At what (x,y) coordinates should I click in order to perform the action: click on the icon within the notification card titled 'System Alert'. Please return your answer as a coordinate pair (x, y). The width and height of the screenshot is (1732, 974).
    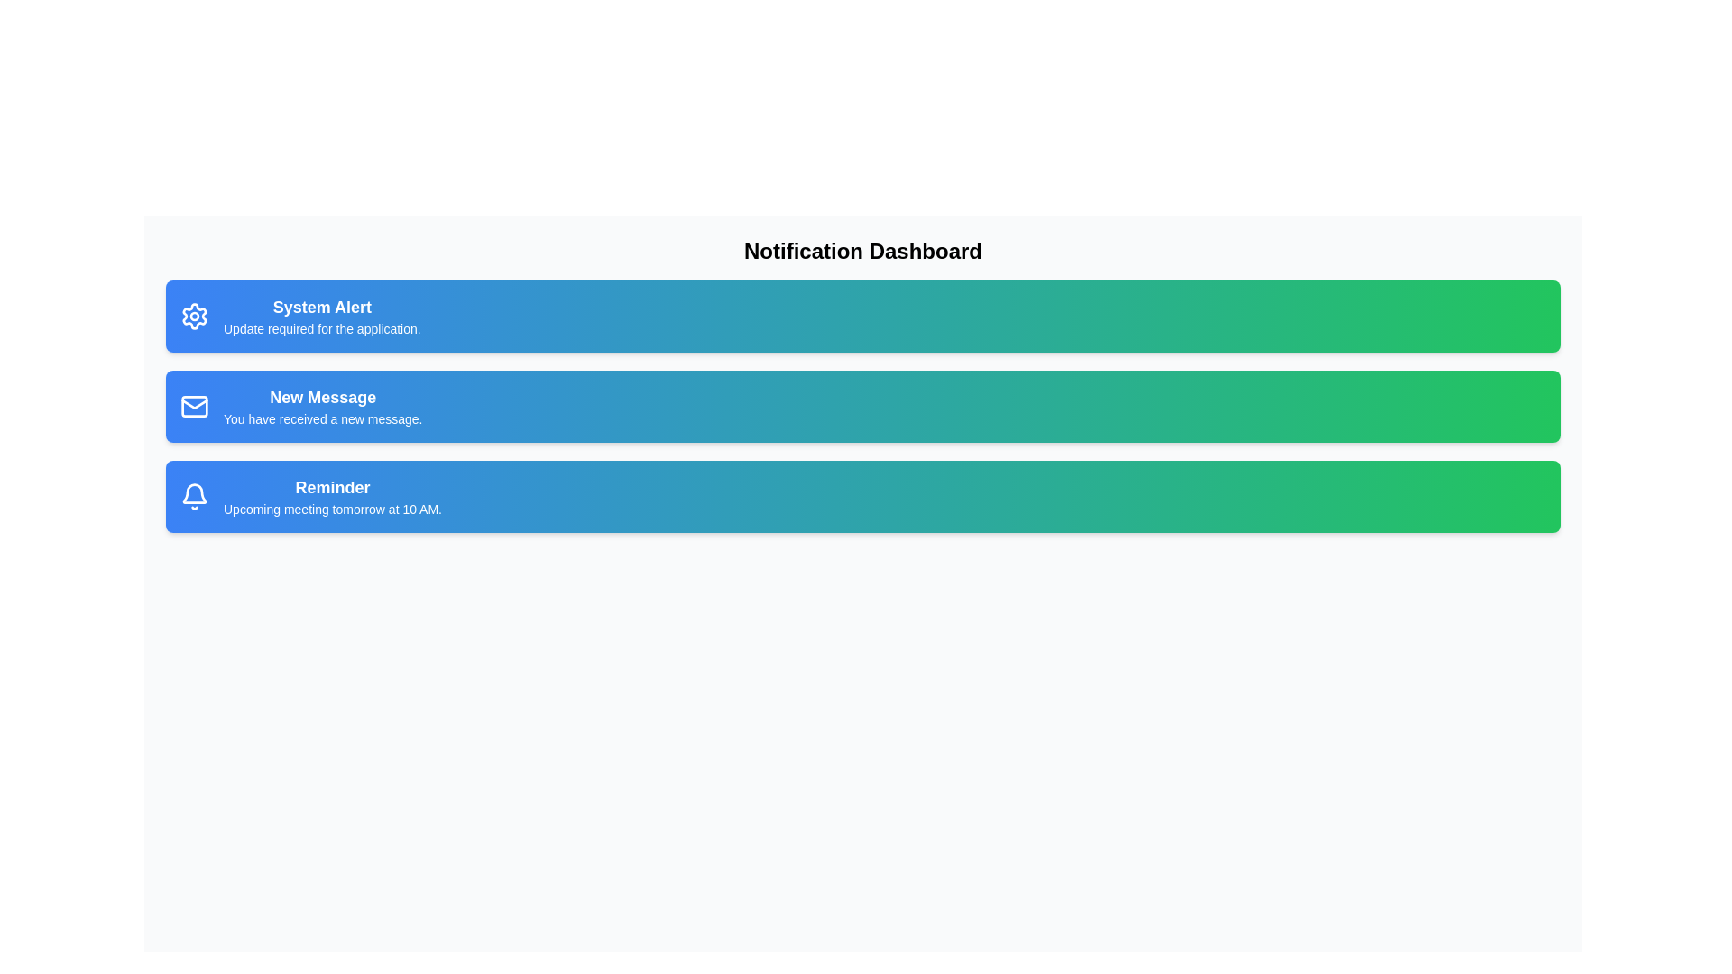
    Looking at the image, I should click on (195, 316).